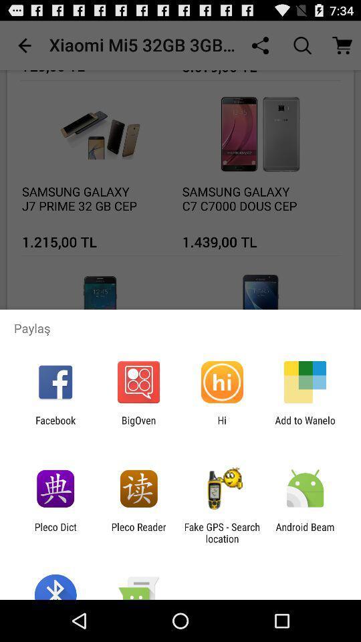 Image resolution: width=361 pixels, height=642 pixels. Describe the element at coordinates (55, 425) in the screenshot. I see `facebook icon` at that location.